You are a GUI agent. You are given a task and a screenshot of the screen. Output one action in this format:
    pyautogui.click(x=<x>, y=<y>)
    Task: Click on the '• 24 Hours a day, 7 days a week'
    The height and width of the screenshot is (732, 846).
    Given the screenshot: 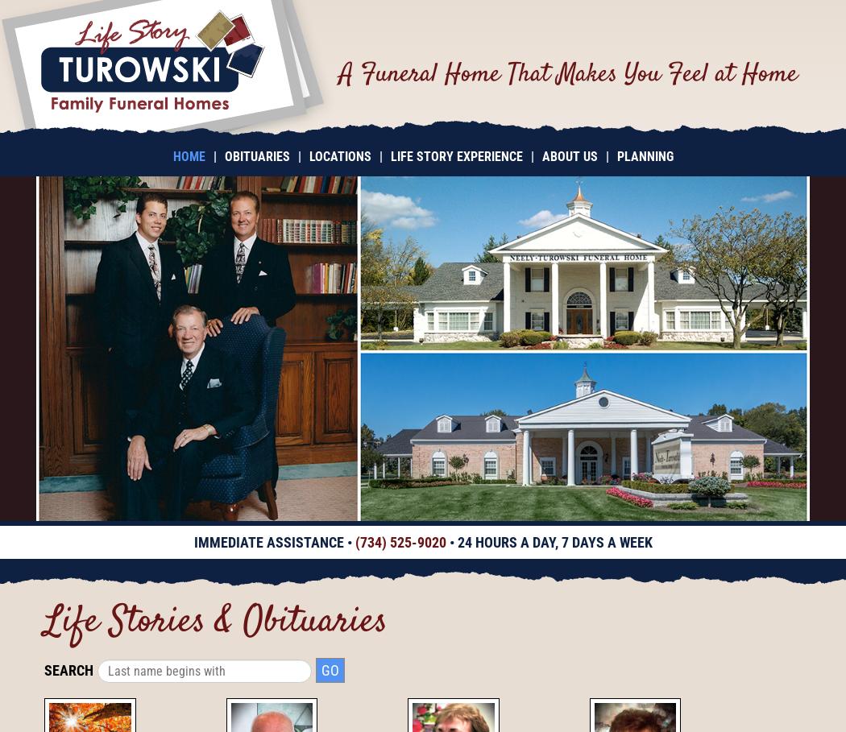 What is the action you would take?
    pyautogui.click(x=549, y=542)
    